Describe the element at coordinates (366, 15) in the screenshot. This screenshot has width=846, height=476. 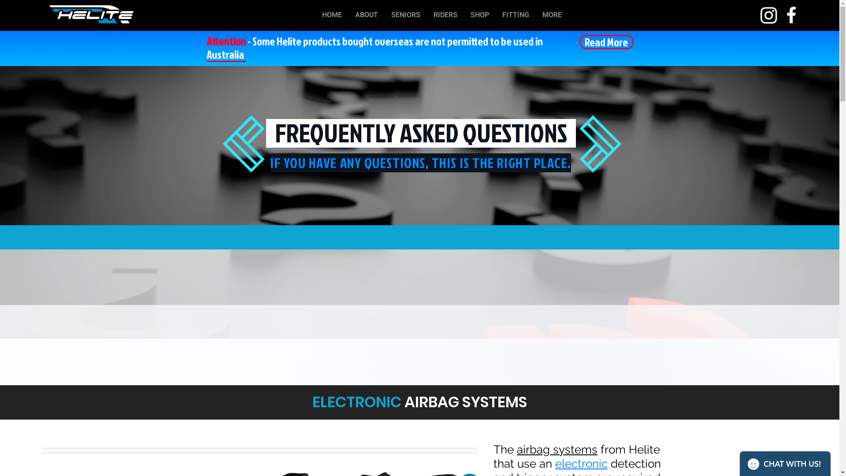
I see `'ABOUT'` at that location.